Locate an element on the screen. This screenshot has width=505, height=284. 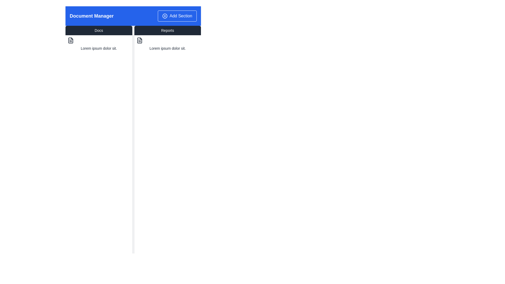
the text label located in the 'Reports' column, positioned directly under the document icon is located at coordinates (167, 48).